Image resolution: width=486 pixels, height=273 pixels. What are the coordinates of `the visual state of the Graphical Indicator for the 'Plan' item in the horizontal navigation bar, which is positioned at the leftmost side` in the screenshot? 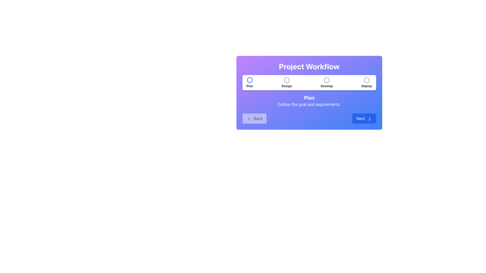 It's located at (250, 80).